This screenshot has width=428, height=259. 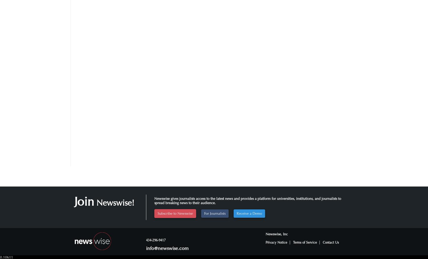 I want to click on 'Subscribe to Newswise', so click(x=157, y=213).